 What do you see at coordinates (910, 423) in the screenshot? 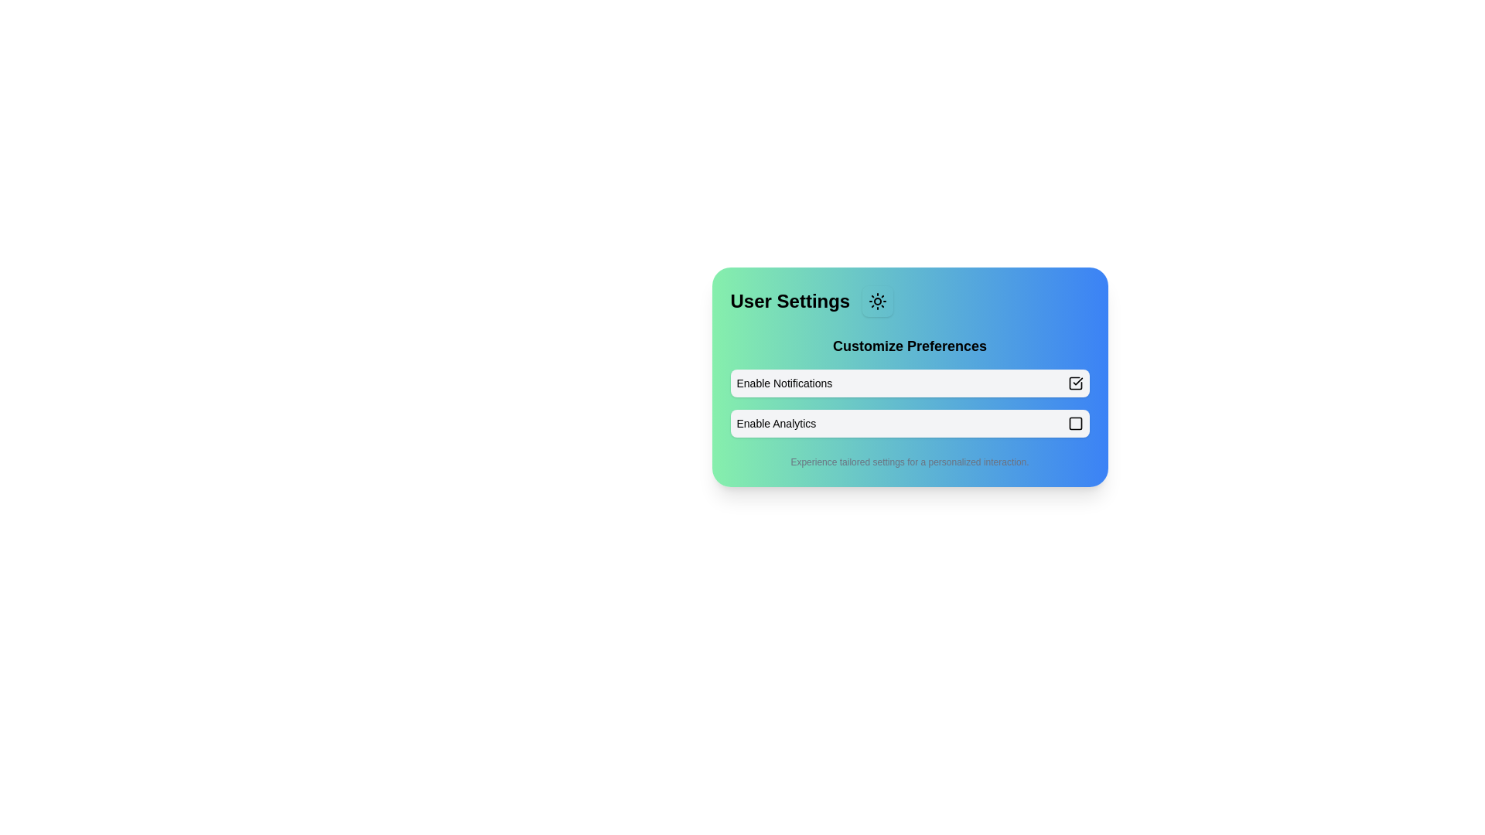
I see `the checkbox labeled 'Enable Analytics'` at bounding box center [910, 423].